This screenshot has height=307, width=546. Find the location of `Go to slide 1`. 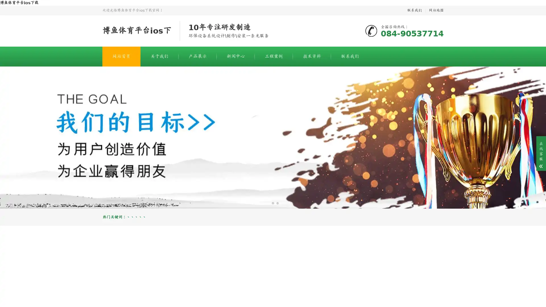

Go to slide 1 is located at coordinates (268, 203).